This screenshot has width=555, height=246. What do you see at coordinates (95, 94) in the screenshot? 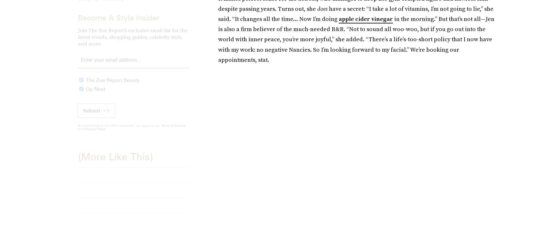
I see `'Up Next'` at bounding box center [95, 94].